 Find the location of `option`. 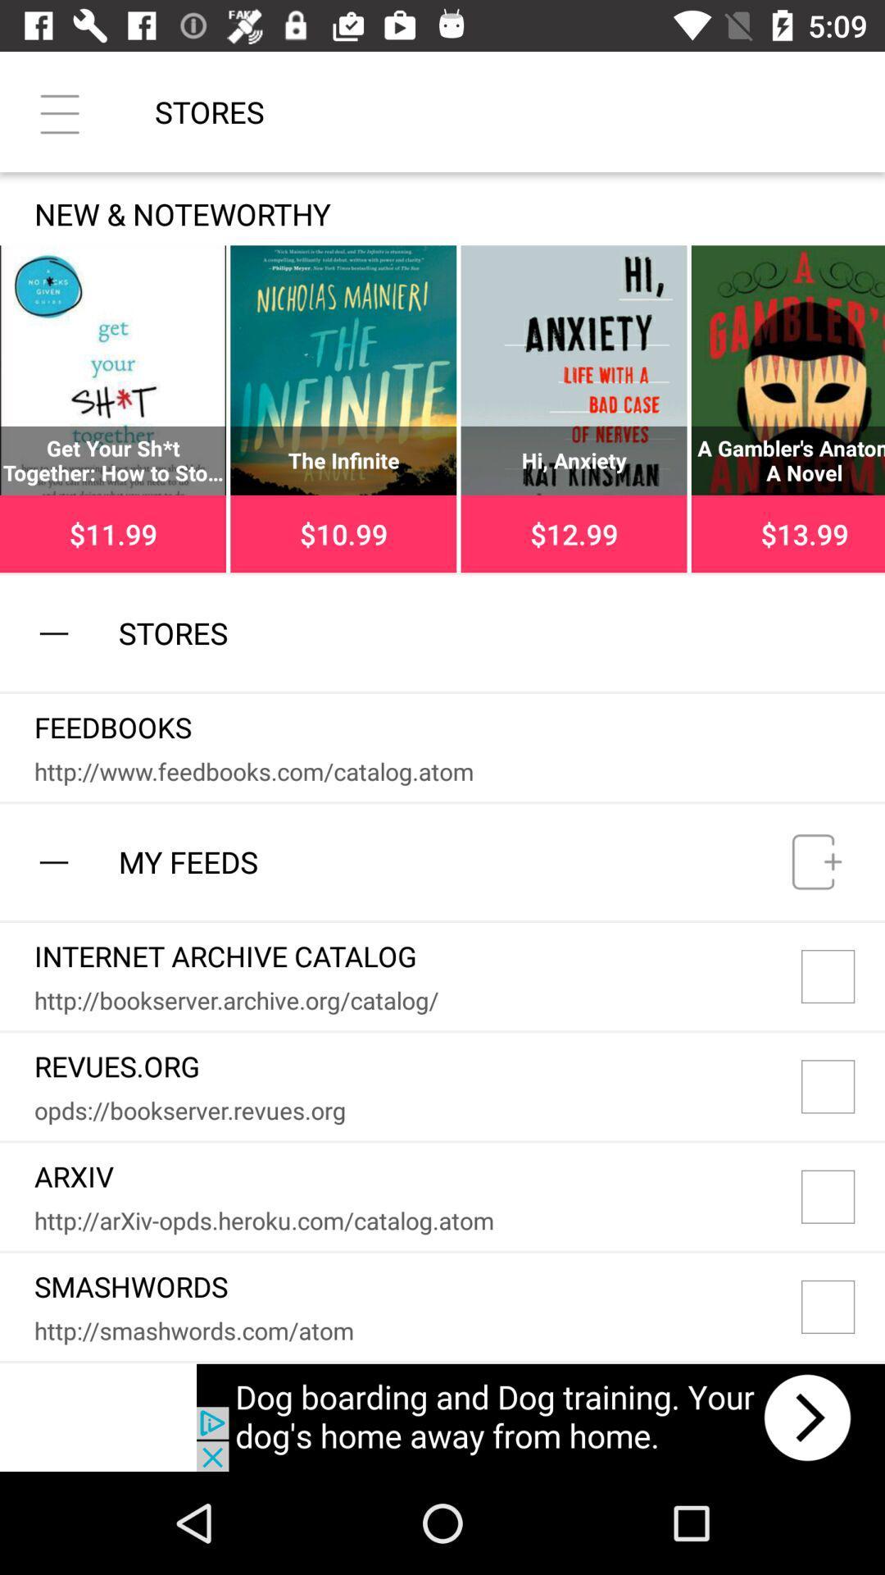

option is located at coordinates (843, 1086).